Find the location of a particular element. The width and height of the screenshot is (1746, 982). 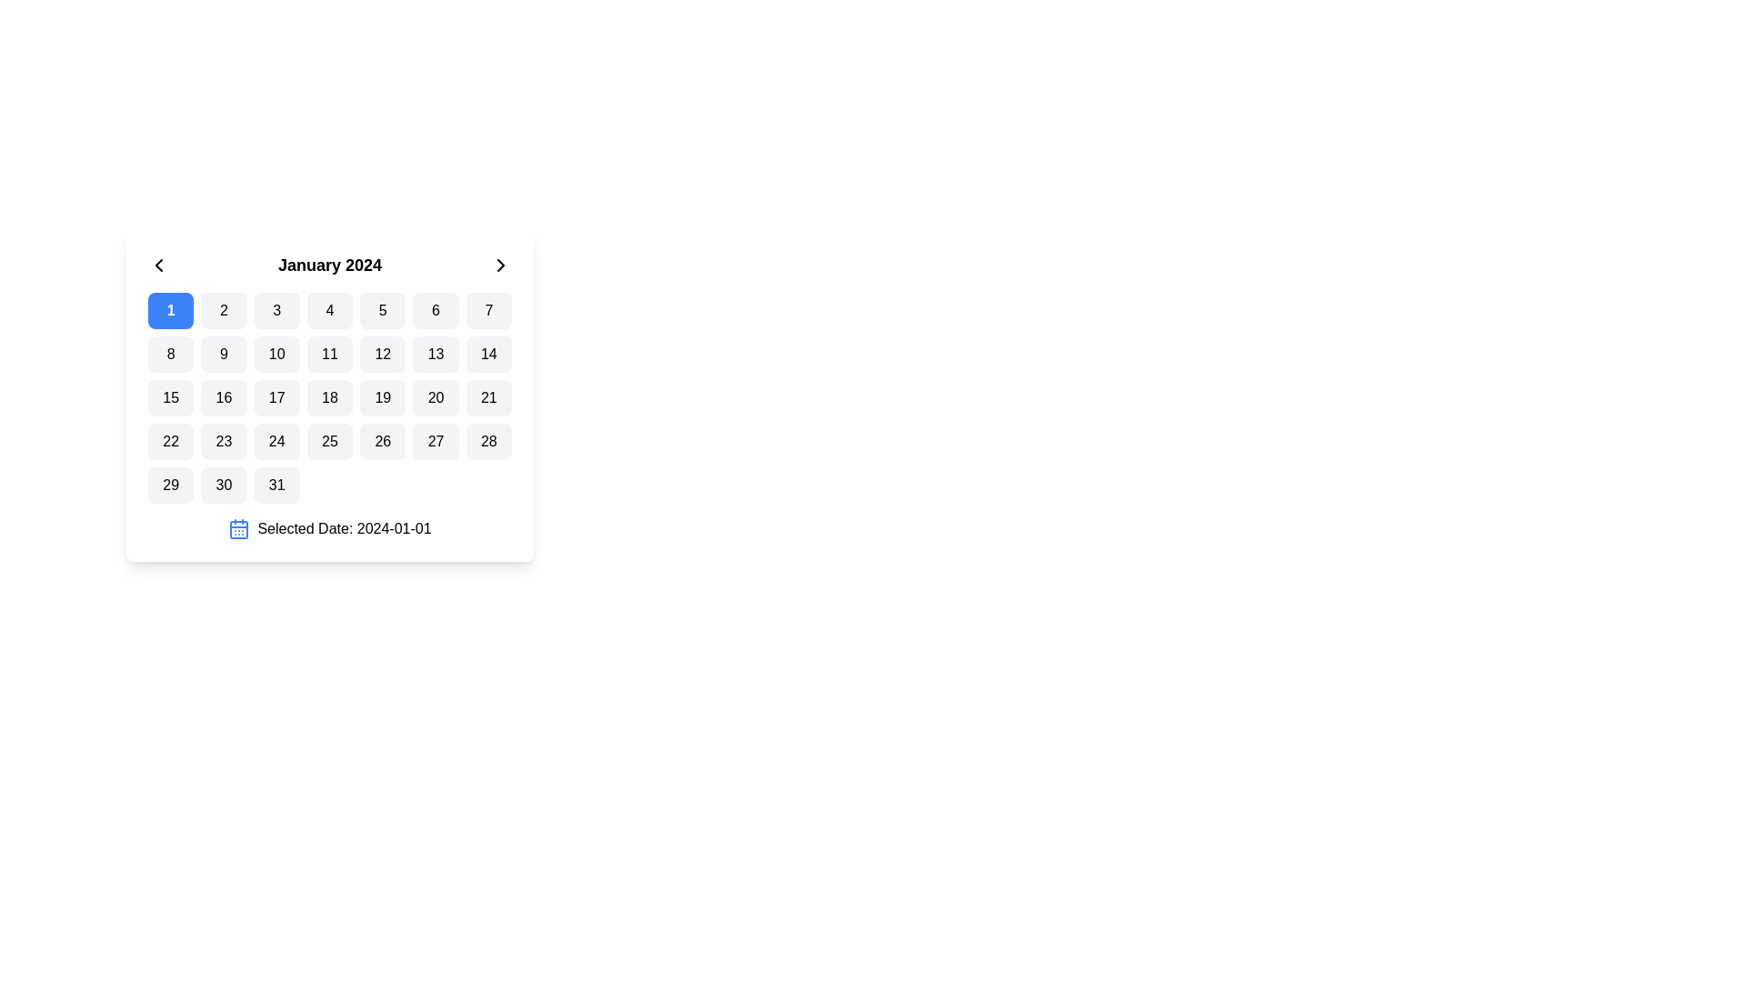

the button displaying '23' in a date selection calendar interface is located at coordinates (223, 442).